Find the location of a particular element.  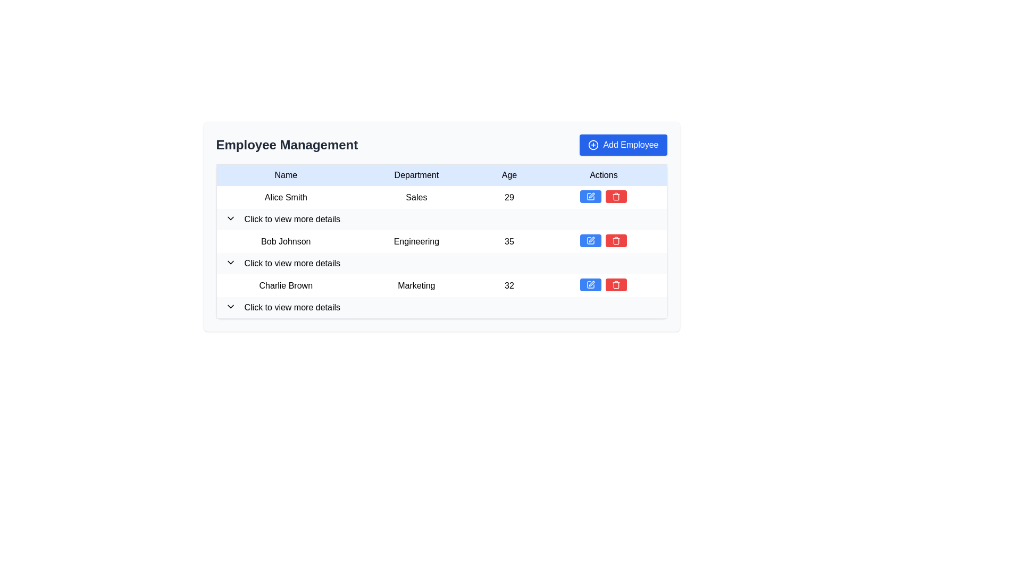

the delete button located in the 'Actions' column of the first row of the employee table is located at coordinates (616, 197).